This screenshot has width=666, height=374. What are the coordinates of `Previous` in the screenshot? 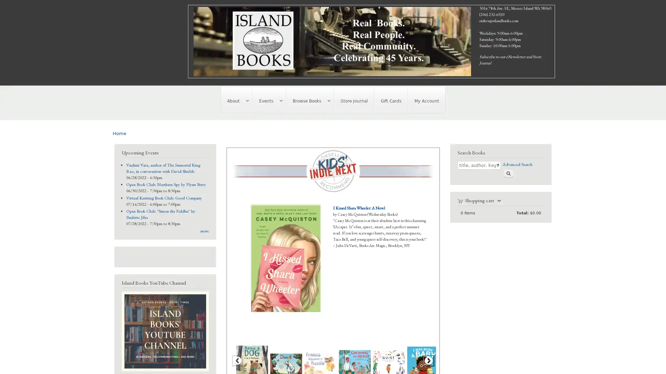 It's located at (237, 360).